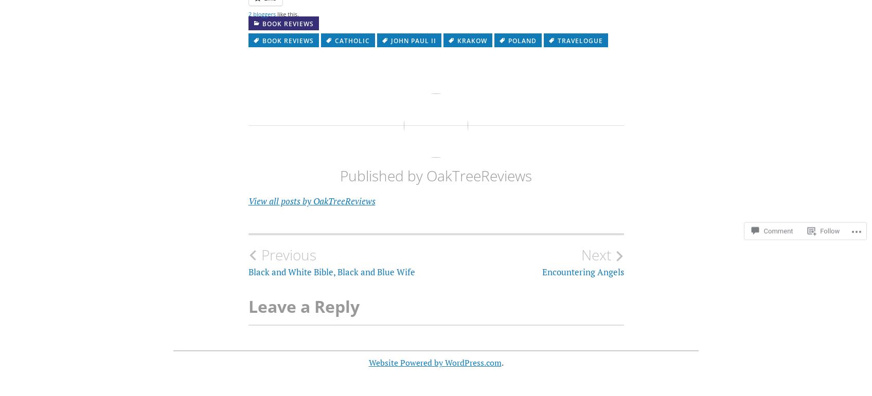 The height and width of the screenshot is (396, 872). I want to click on 'Published by', so click(340, 175).